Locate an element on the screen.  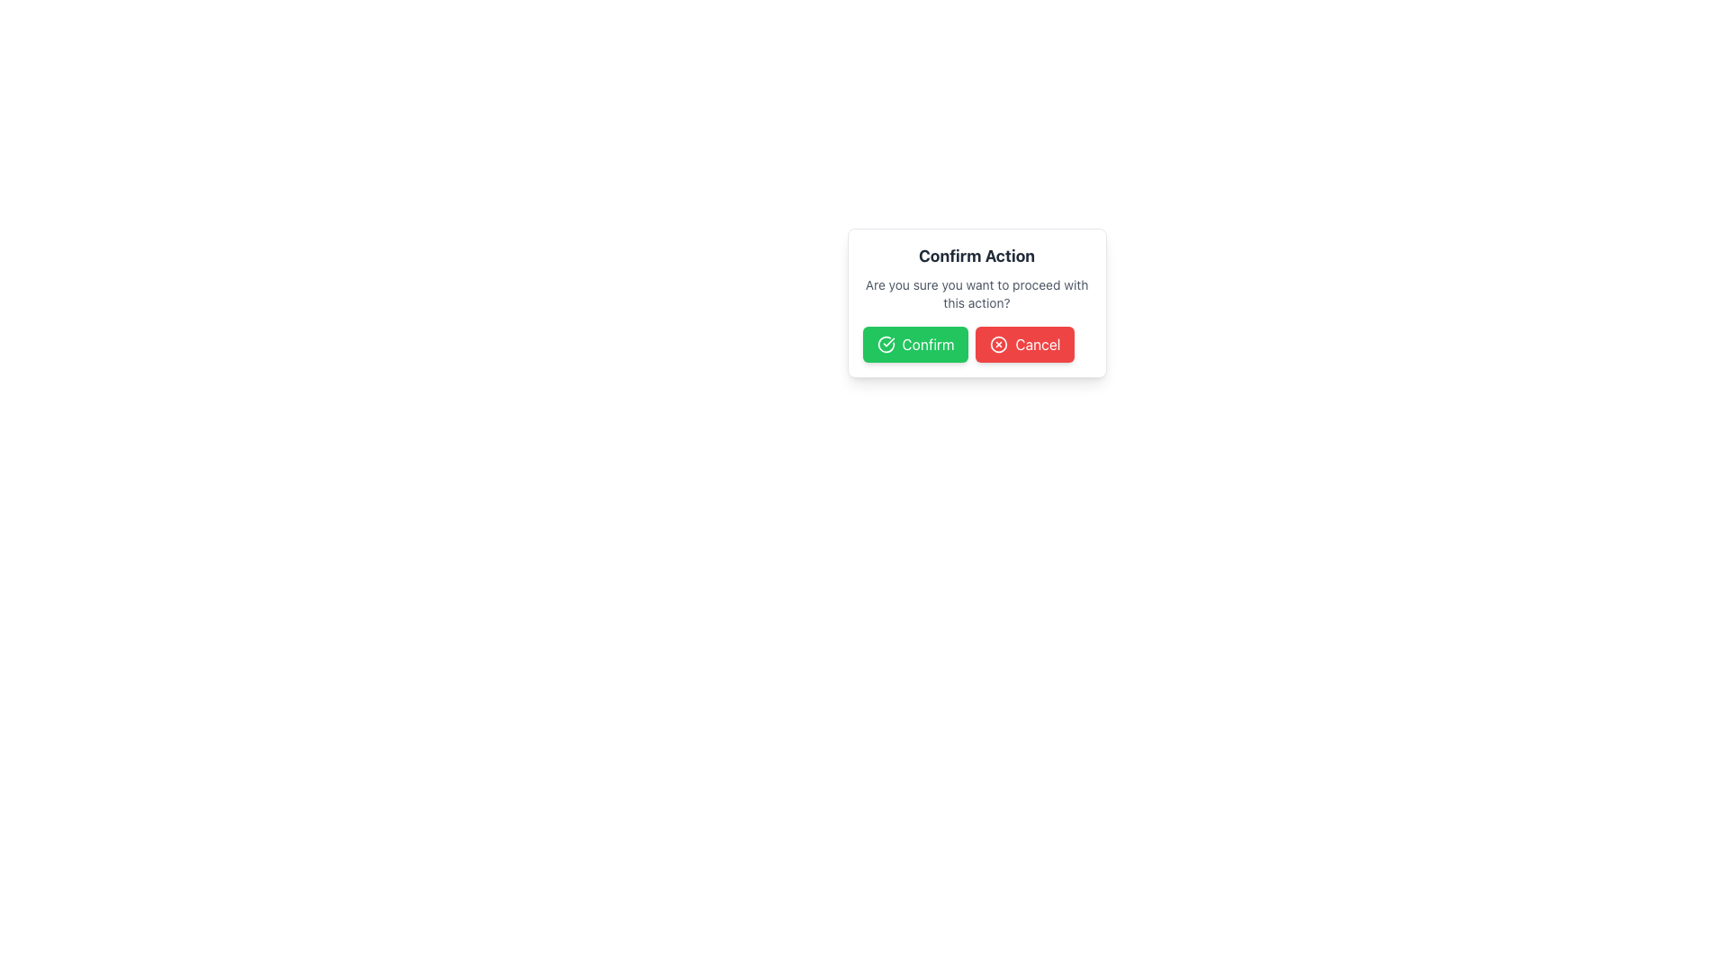
the 'Cancel' button located to the right of the 'Confirm' button in the horizontal button group at the bottom of the confirmation dialog is located at coordinates (1025, 344).